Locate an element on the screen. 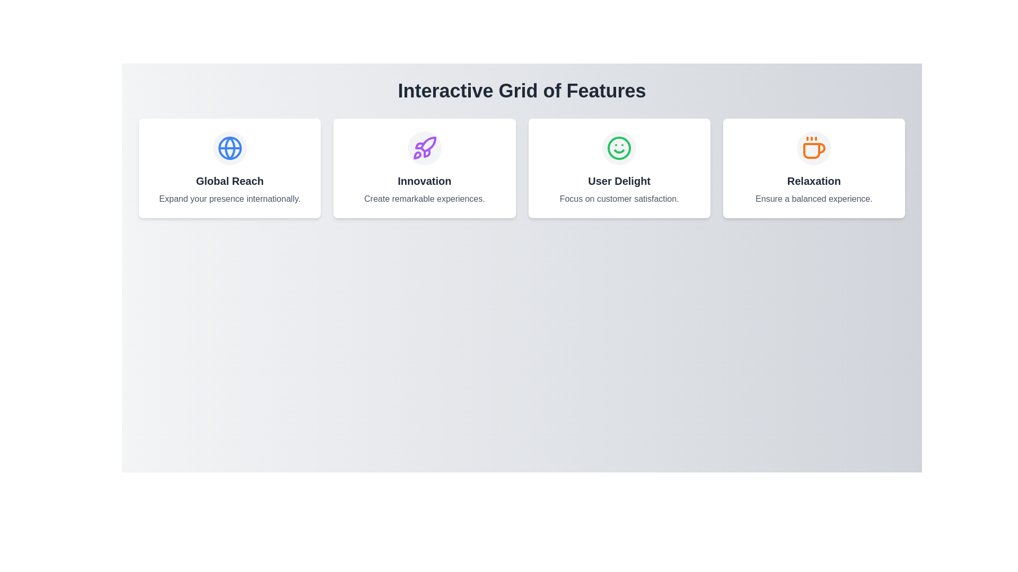  descriptive text label located within the second card of the four horizontally arranged cards, directly below the 'Innovation' heading is located at coordinates (424, 199).